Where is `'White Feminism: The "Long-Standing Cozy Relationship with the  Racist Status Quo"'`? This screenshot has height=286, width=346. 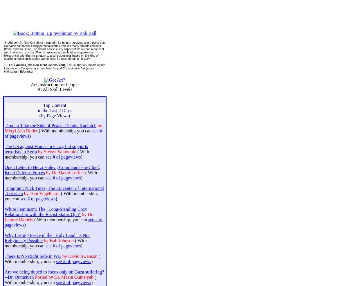 'White Feminism: The "Long-Standing Cozy Relationship with the  Racist Status Quo"' is located at coordinates (46, 212).